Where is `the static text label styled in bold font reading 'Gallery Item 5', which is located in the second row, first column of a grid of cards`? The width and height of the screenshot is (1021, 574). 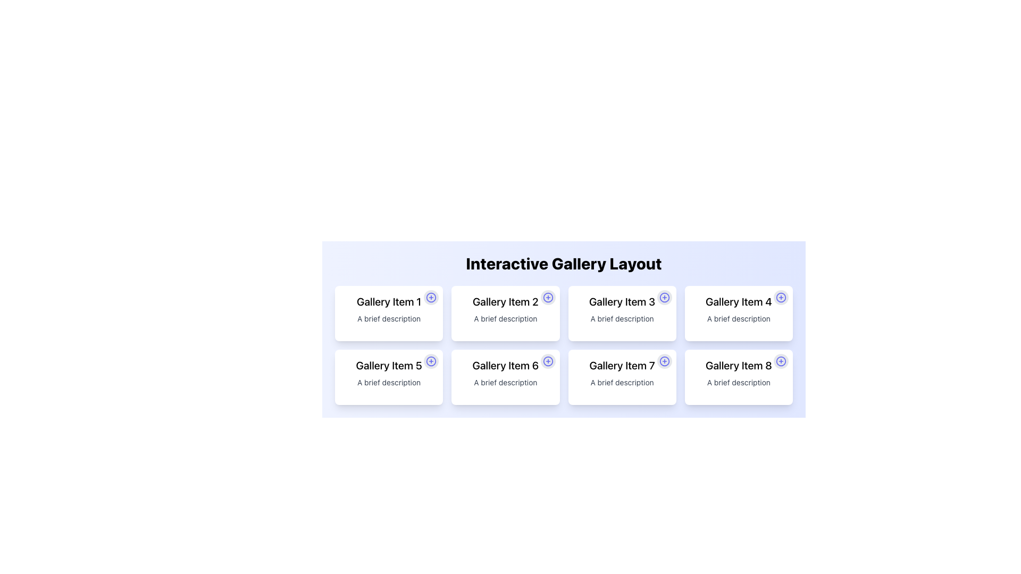
the static text label styled in bold font reading 'Gallery Item 5', which is located in the second row, first column of a grid of cards is located at coordinates (388, 365).